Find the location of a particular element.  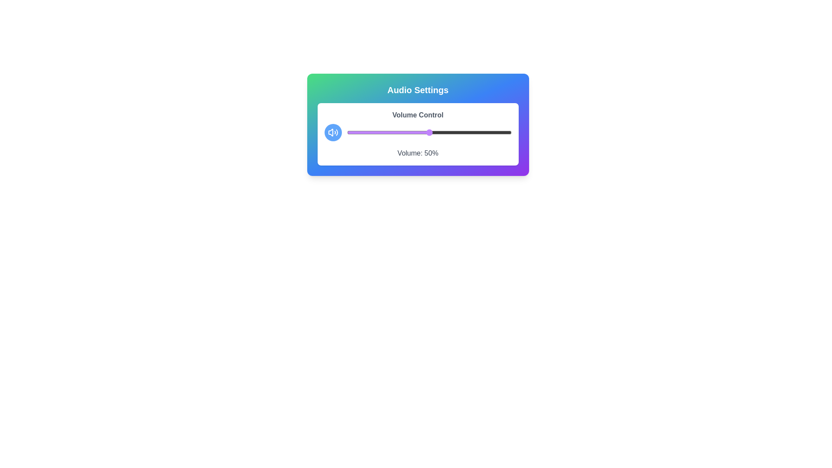

volume is located at coordinates (476, 132).